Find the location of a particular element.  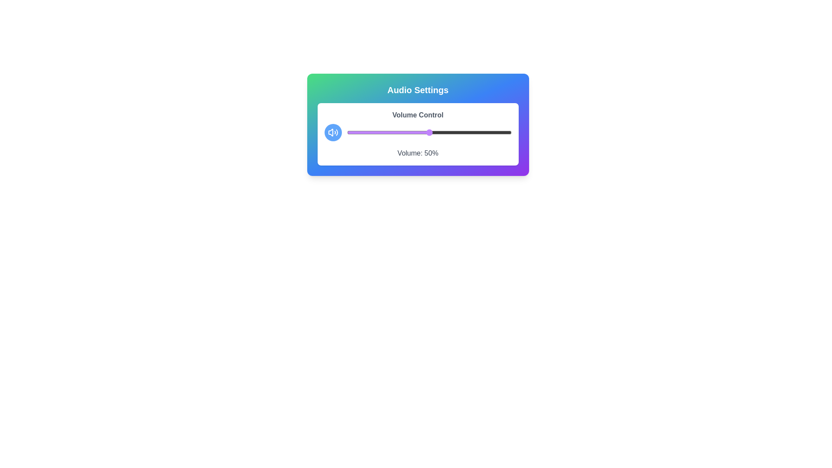

volume is located at coordinates (476, 132).